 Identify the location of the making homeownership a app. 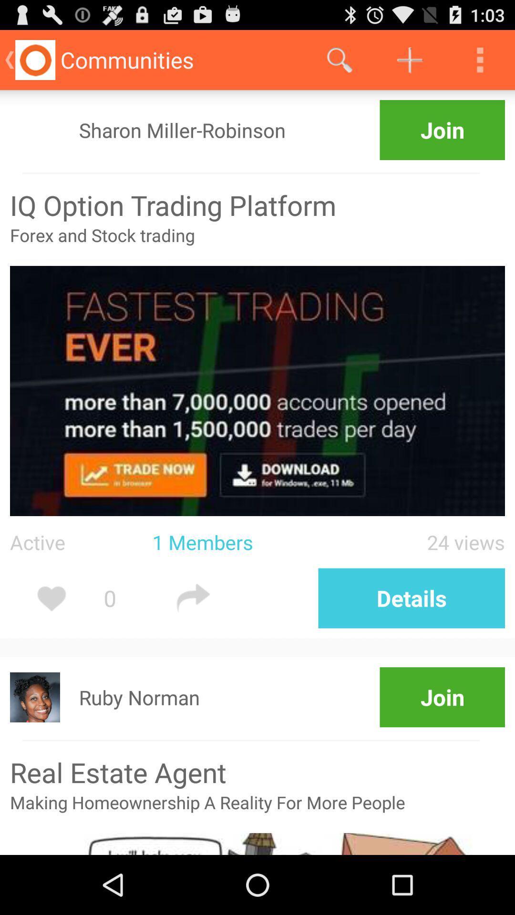
(257, 811).